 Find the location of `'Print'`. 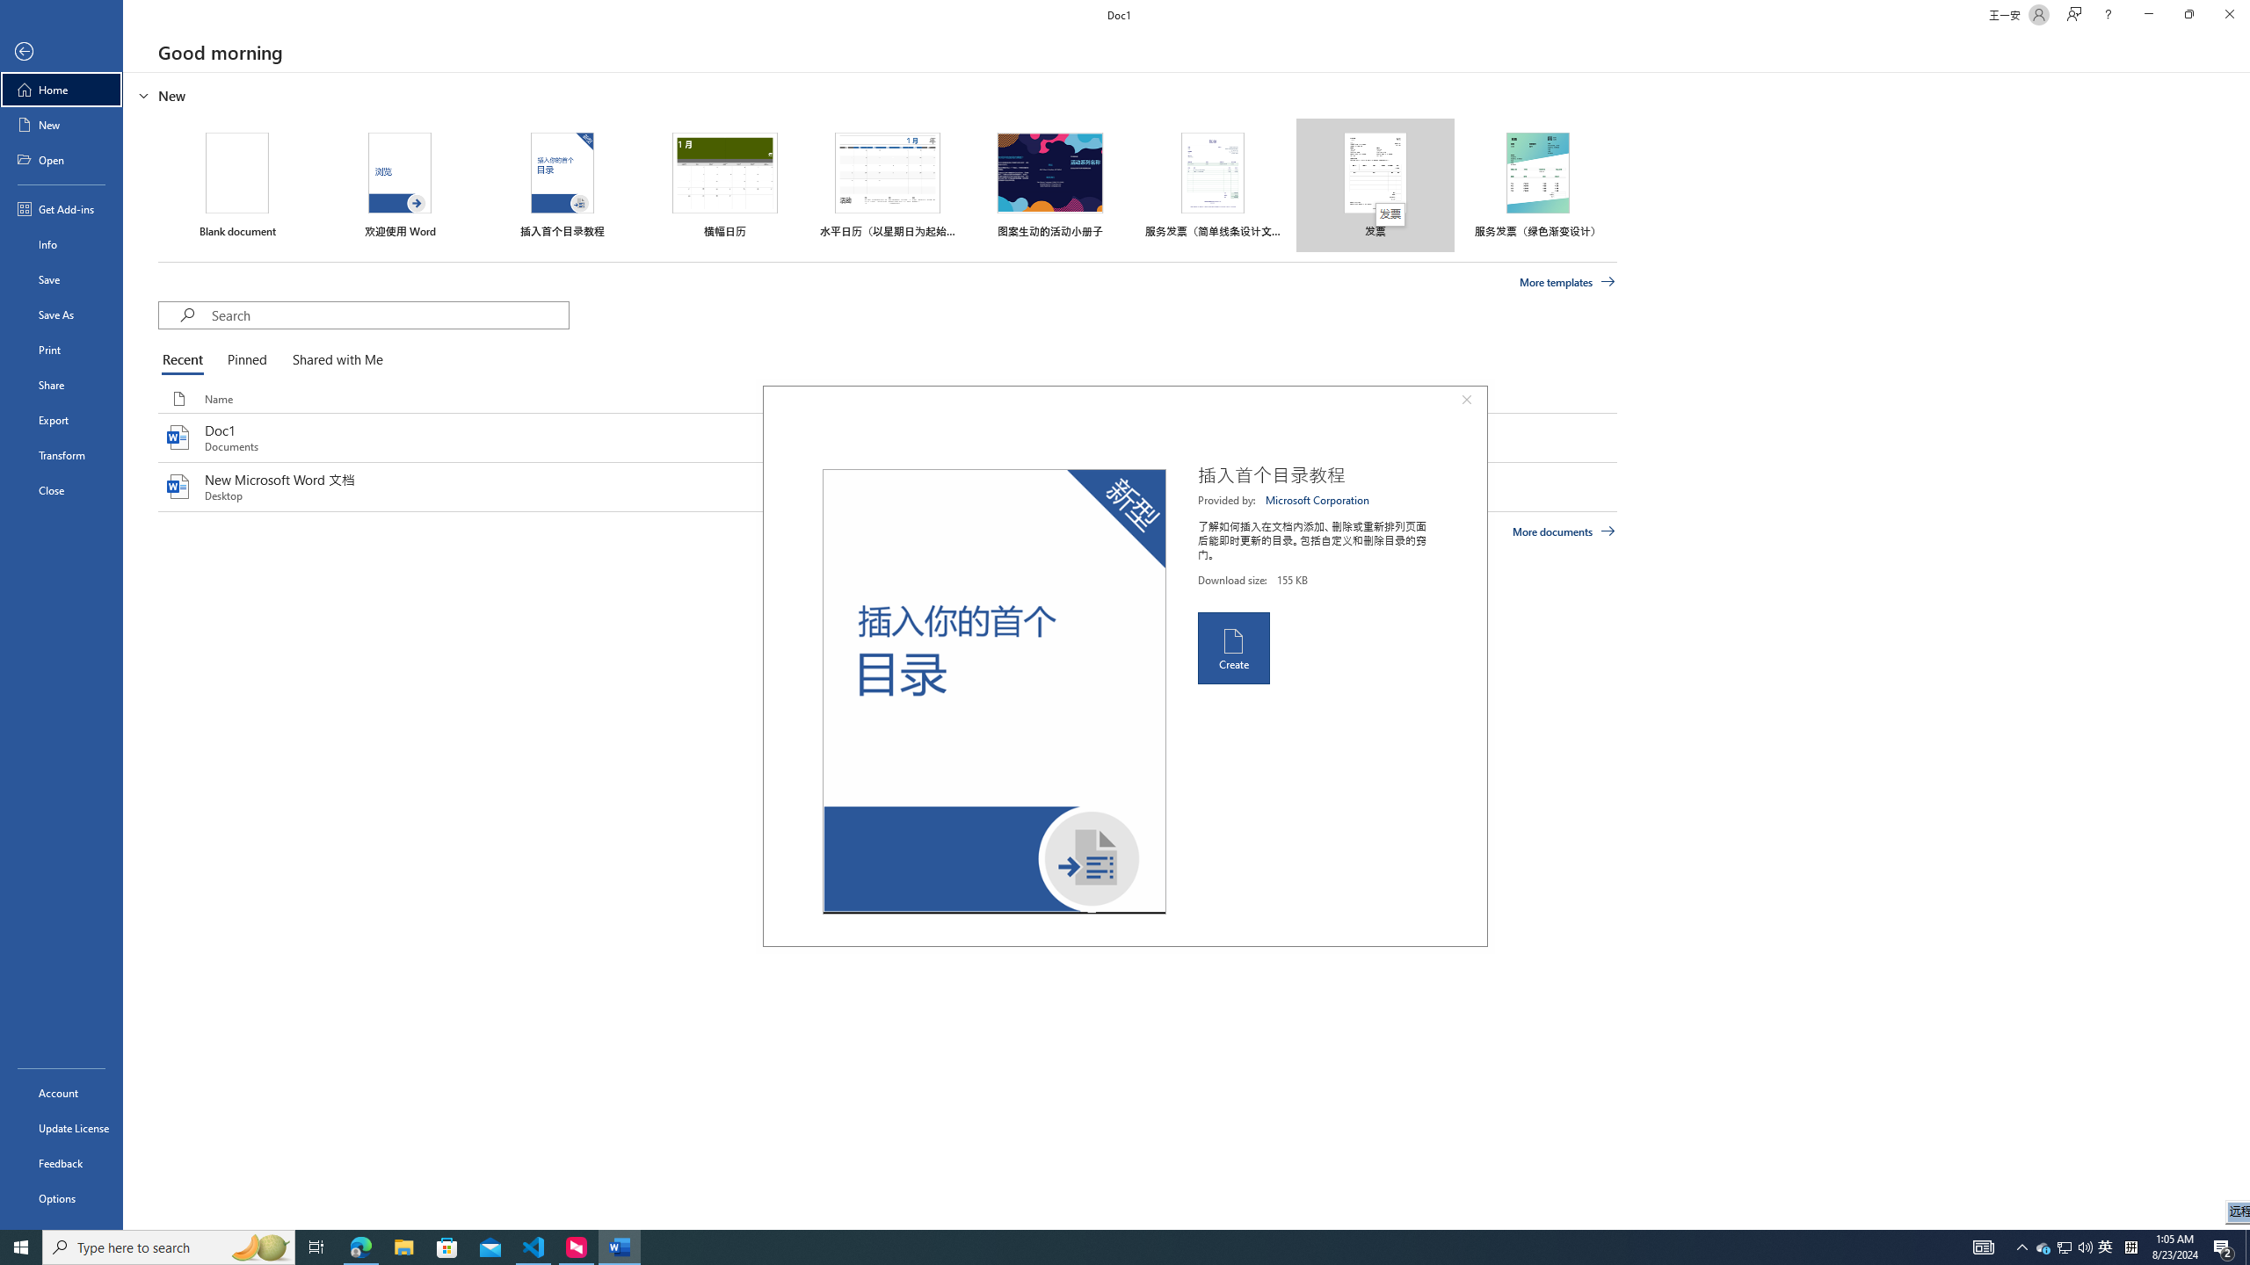

'Print' is located at coordinates (61, 349).